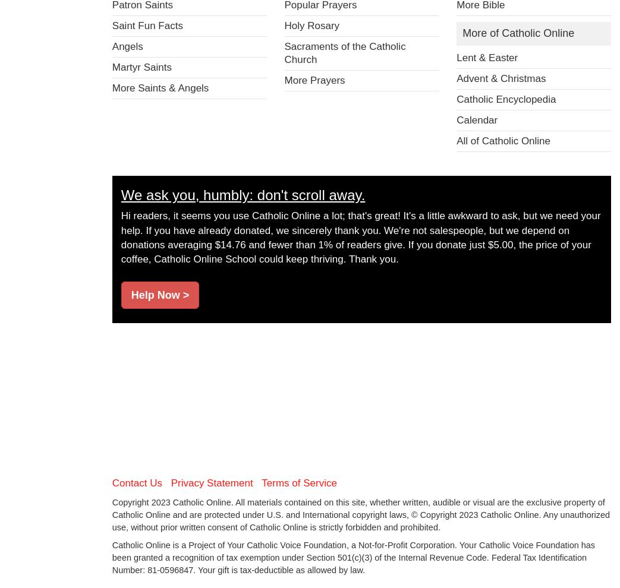  What do you see at coordinates (353, 557) in the screenshot?
I see `'Catholic Online is a Project of Your Catholic Voice Foundation, a Not-for-Profit Corporation. Your Catholic Voice Foundation has been granted a recognition of tax exemption under Section 501(c)(3) of the Internal Revenue Code. Federal Tax Identification Number: 81-0596847. Your gift is tax-deductible as allowed by law.'` at bounding box center [353, 557].